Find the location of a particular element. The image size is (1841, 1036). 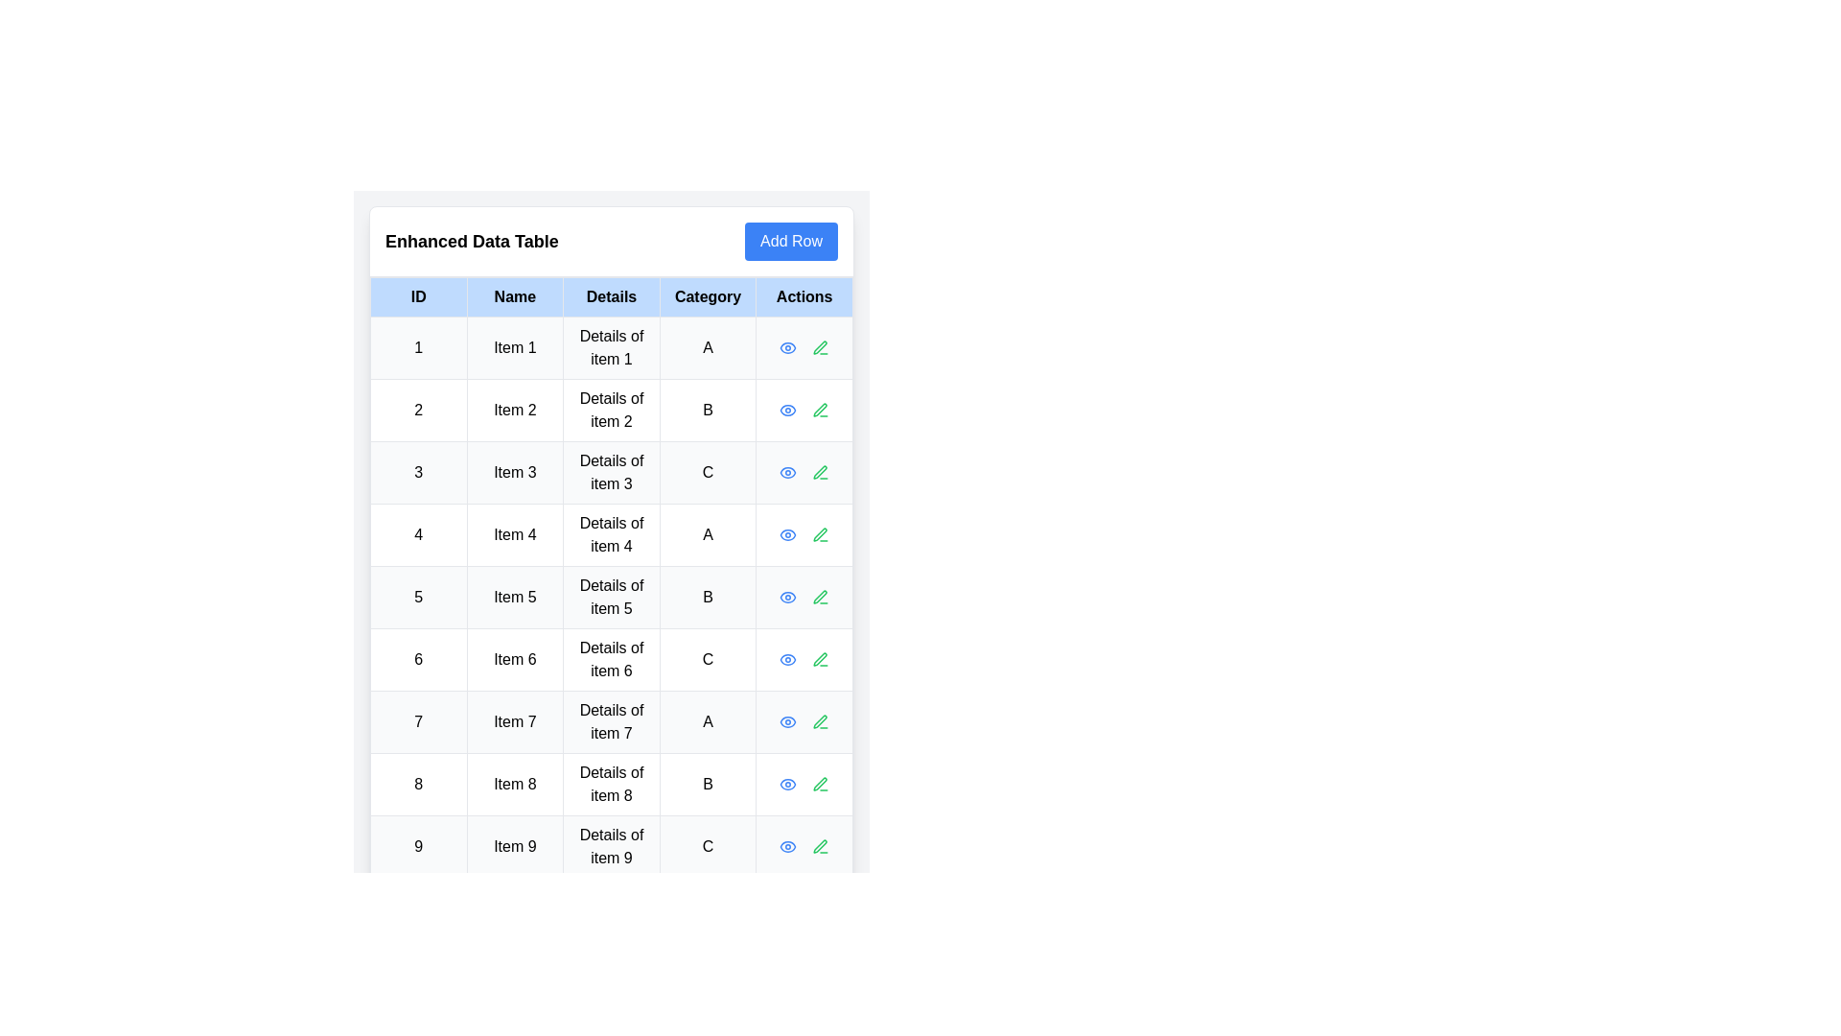

the eye icon is located at coordinates (788, 721).